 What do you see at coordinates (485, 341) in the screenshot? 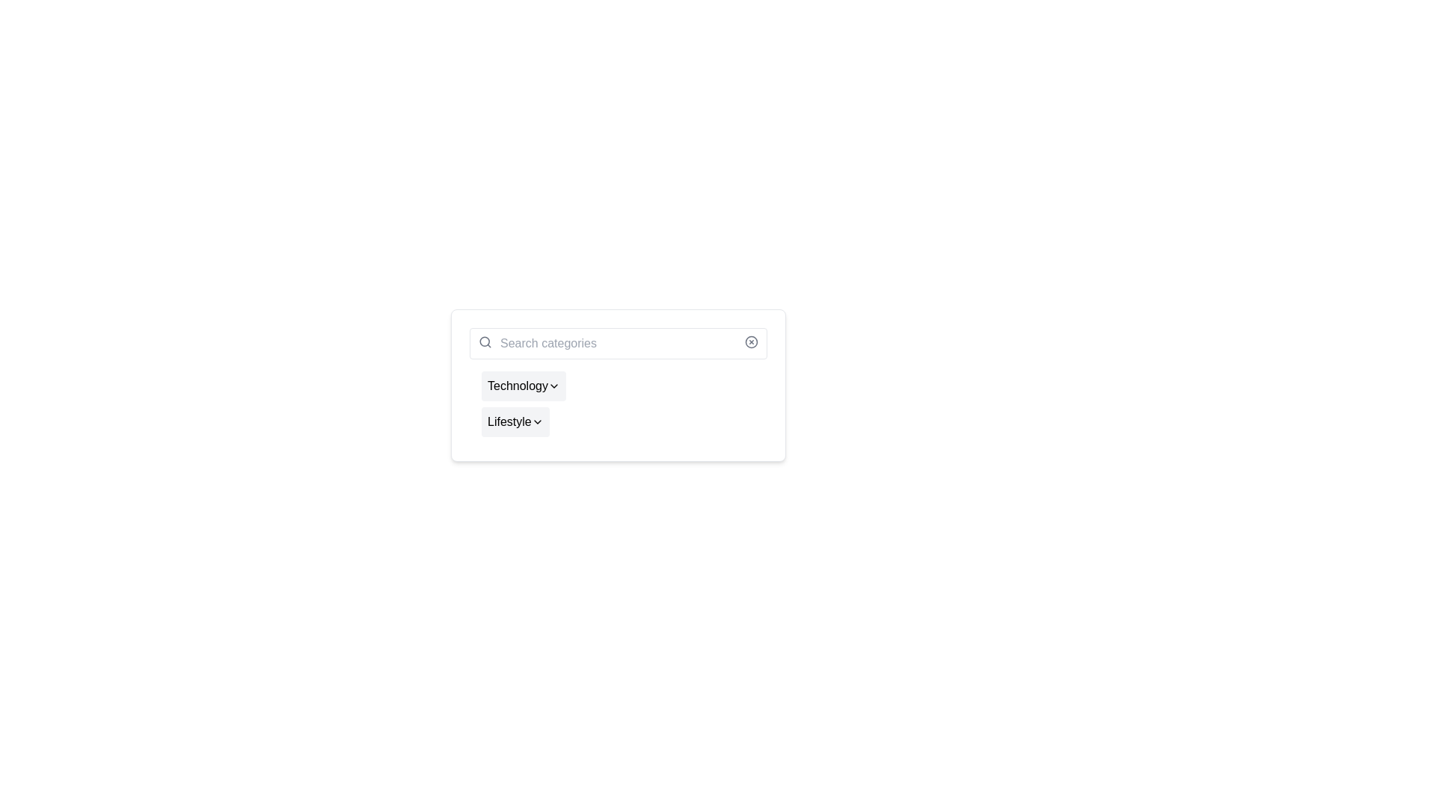
I see `the small gray circular graphic located in the upper-left corner of the 'Search categories' input field` at bounding box center [485, 341].